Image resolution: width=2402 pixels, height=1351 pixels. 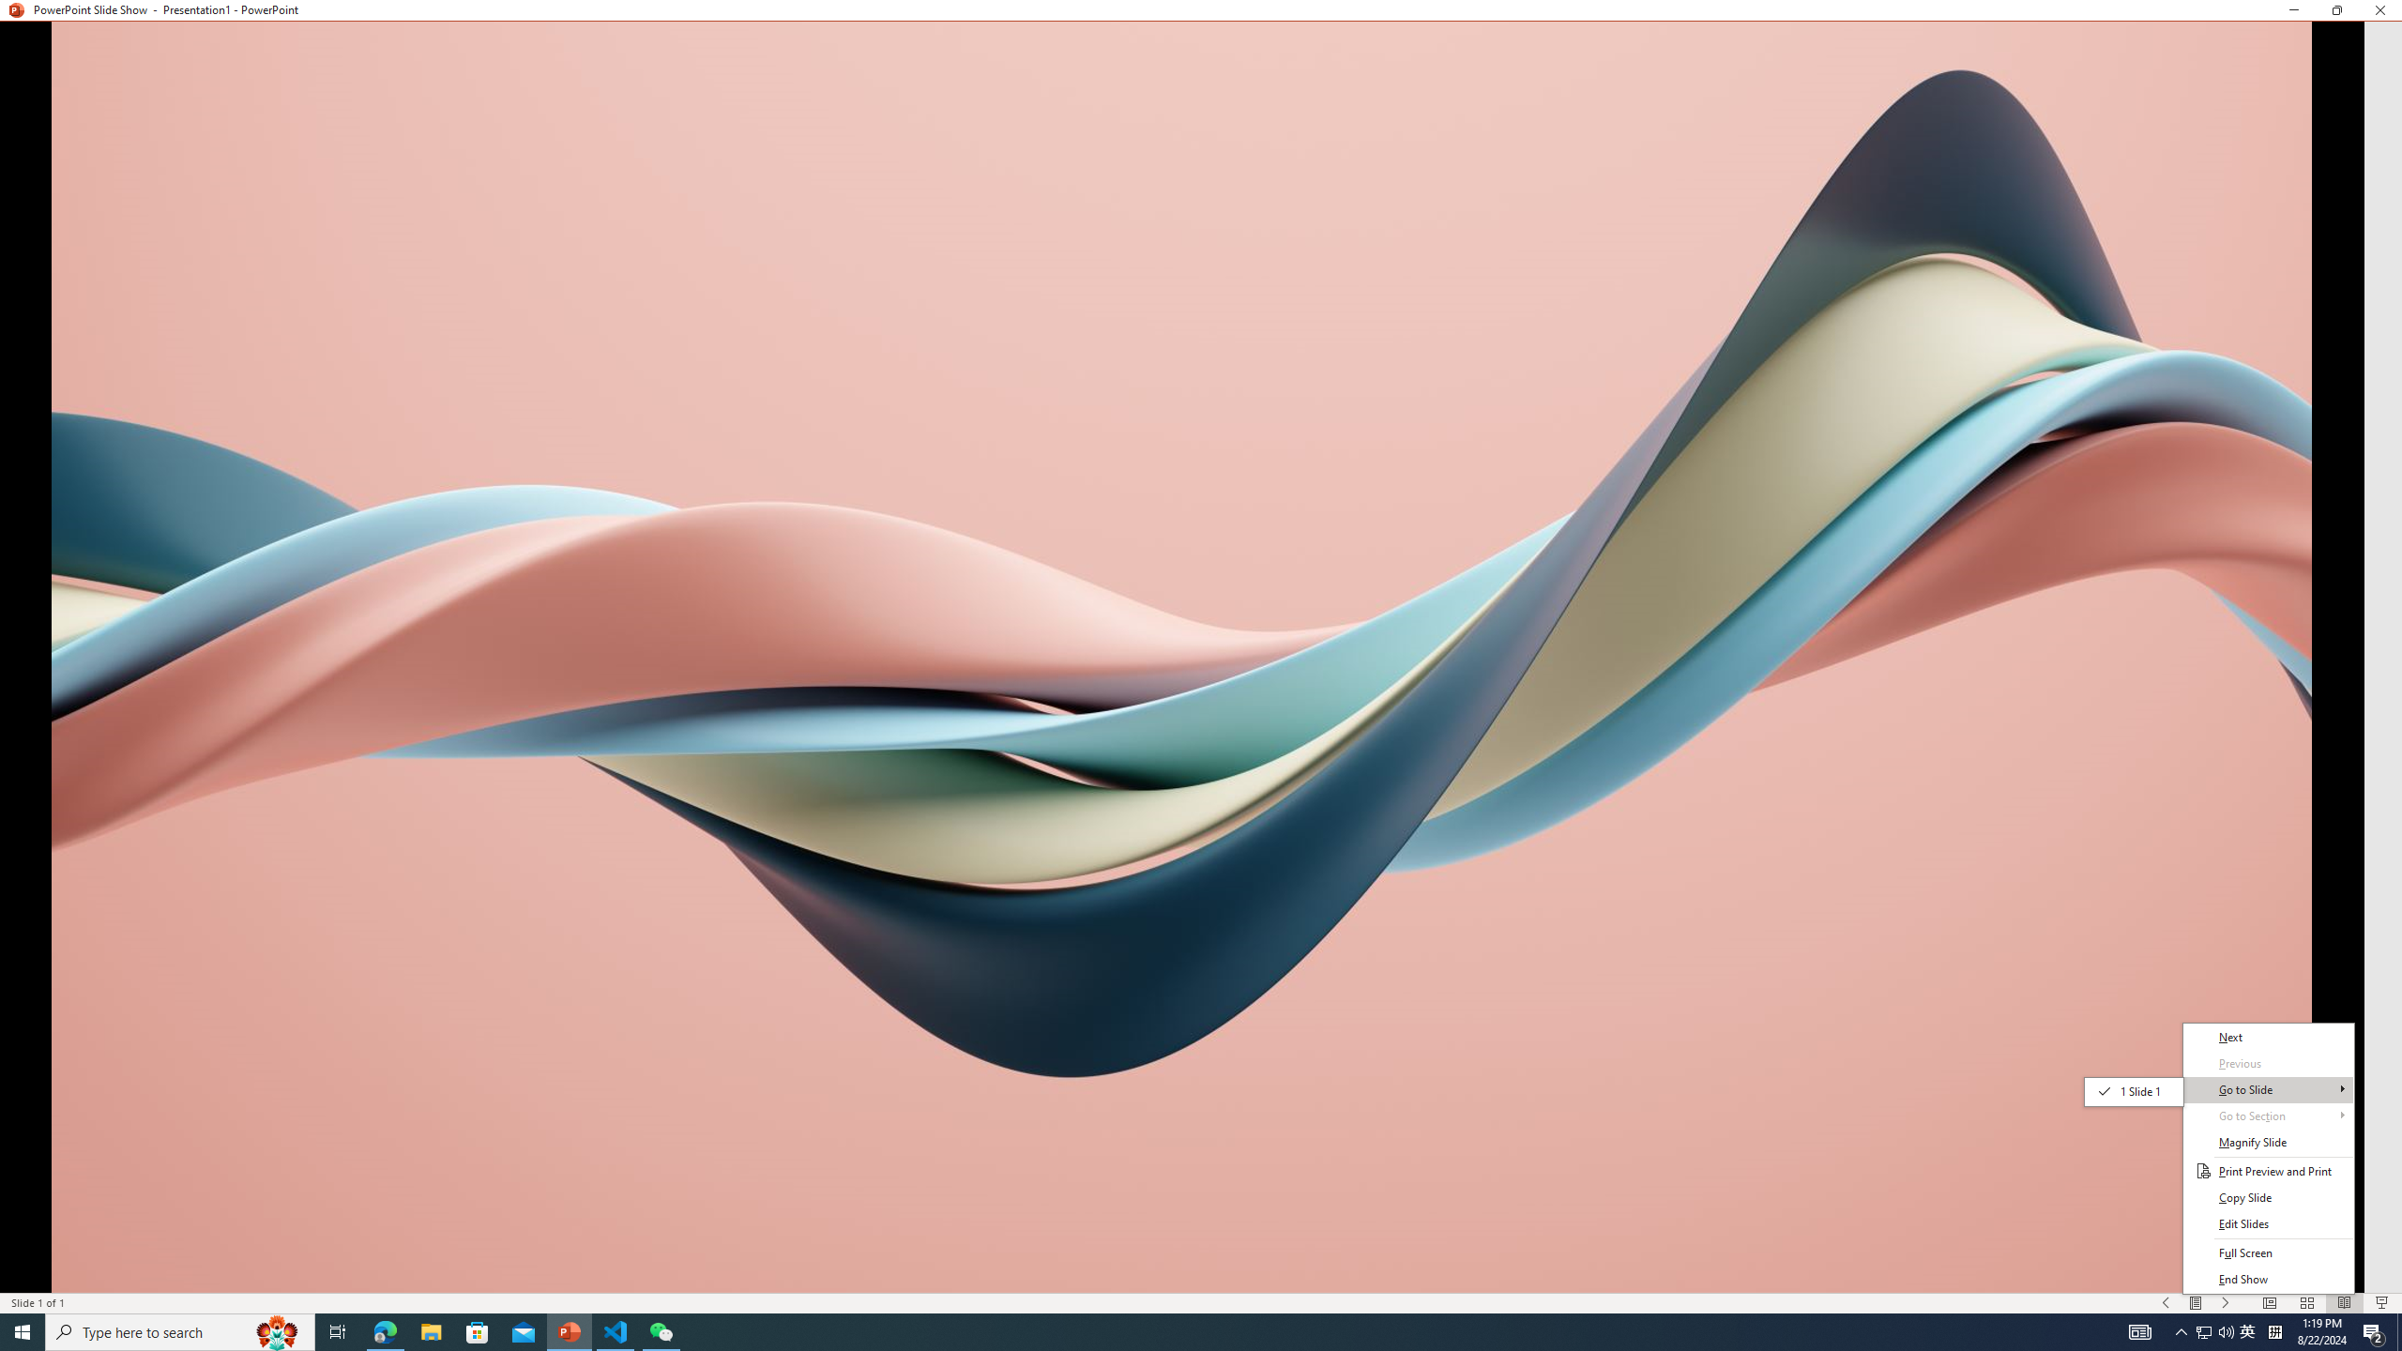 What do you see at coordinates (661, 1330) in the screenshot?
I see `'WeChat - 1 running window'` at bounding box center [661, 1330].